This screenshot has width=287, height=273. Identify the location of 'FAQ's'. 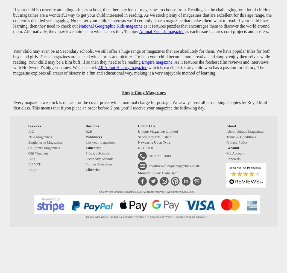
(32, 169).